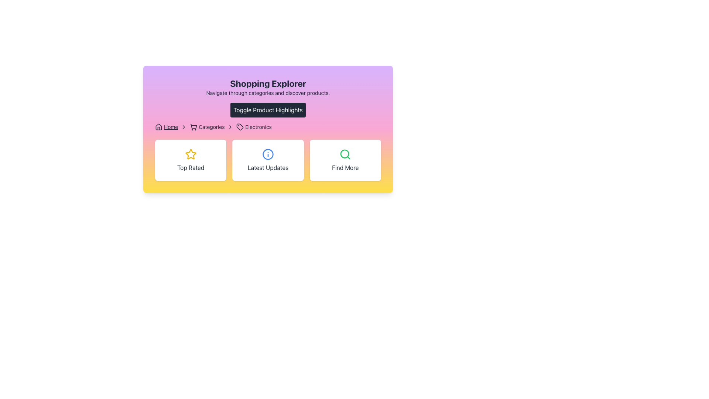 The image size is (709, 399). I want to click on the right-arrow icon in the breadcrumb navigation, located immediately to the right of the 'Home' text label, so click(184, 126).